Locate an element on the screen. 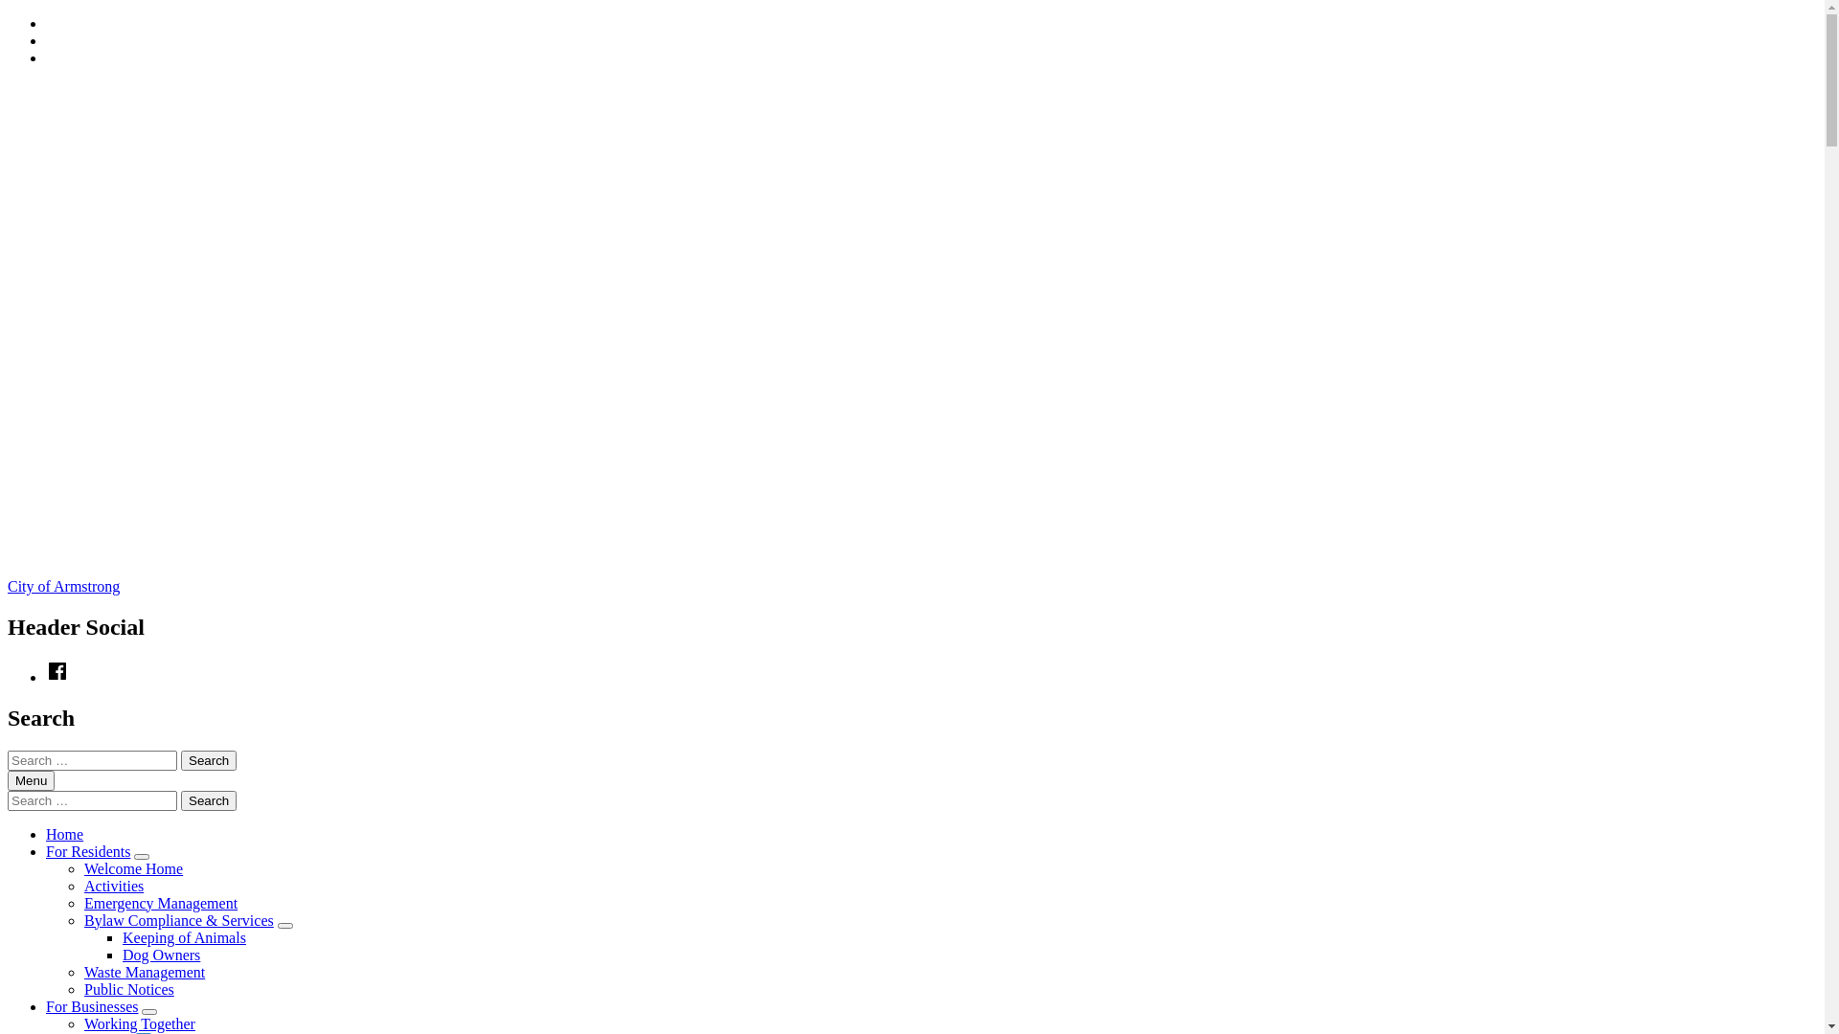 Image resolution: width=1839 pixels, height=1034 pixels. 'Facebook' is located at coordinates (57, 676).